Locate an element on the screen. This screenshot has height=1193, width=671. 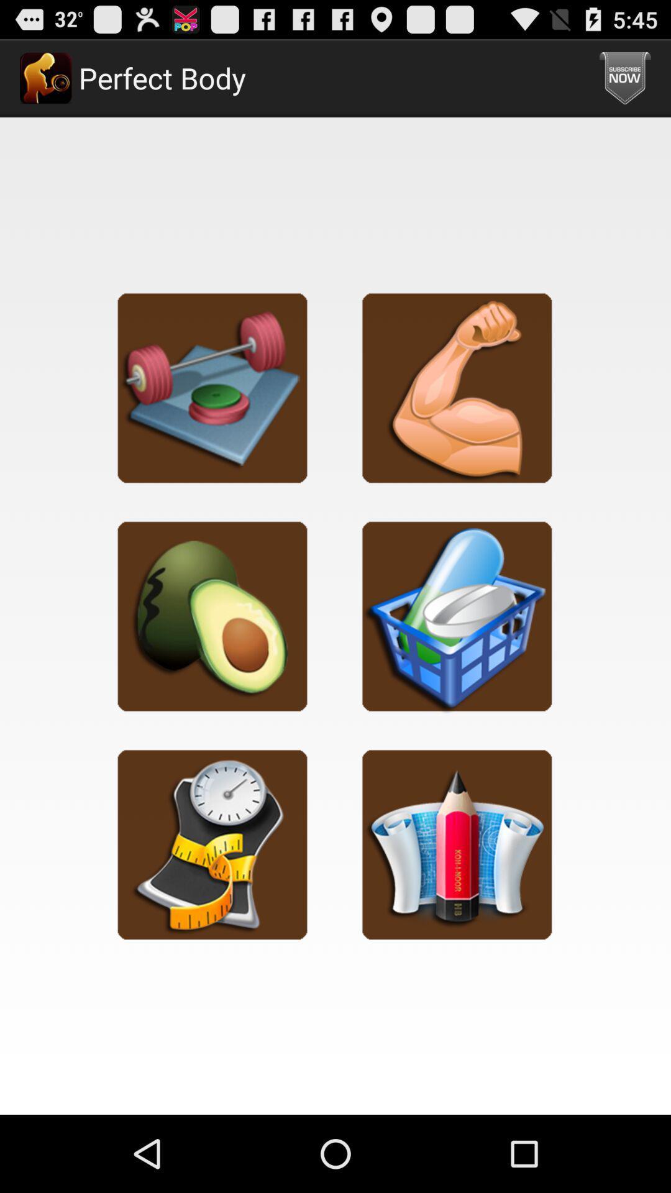
track workout is located at coordinates (212, 387).